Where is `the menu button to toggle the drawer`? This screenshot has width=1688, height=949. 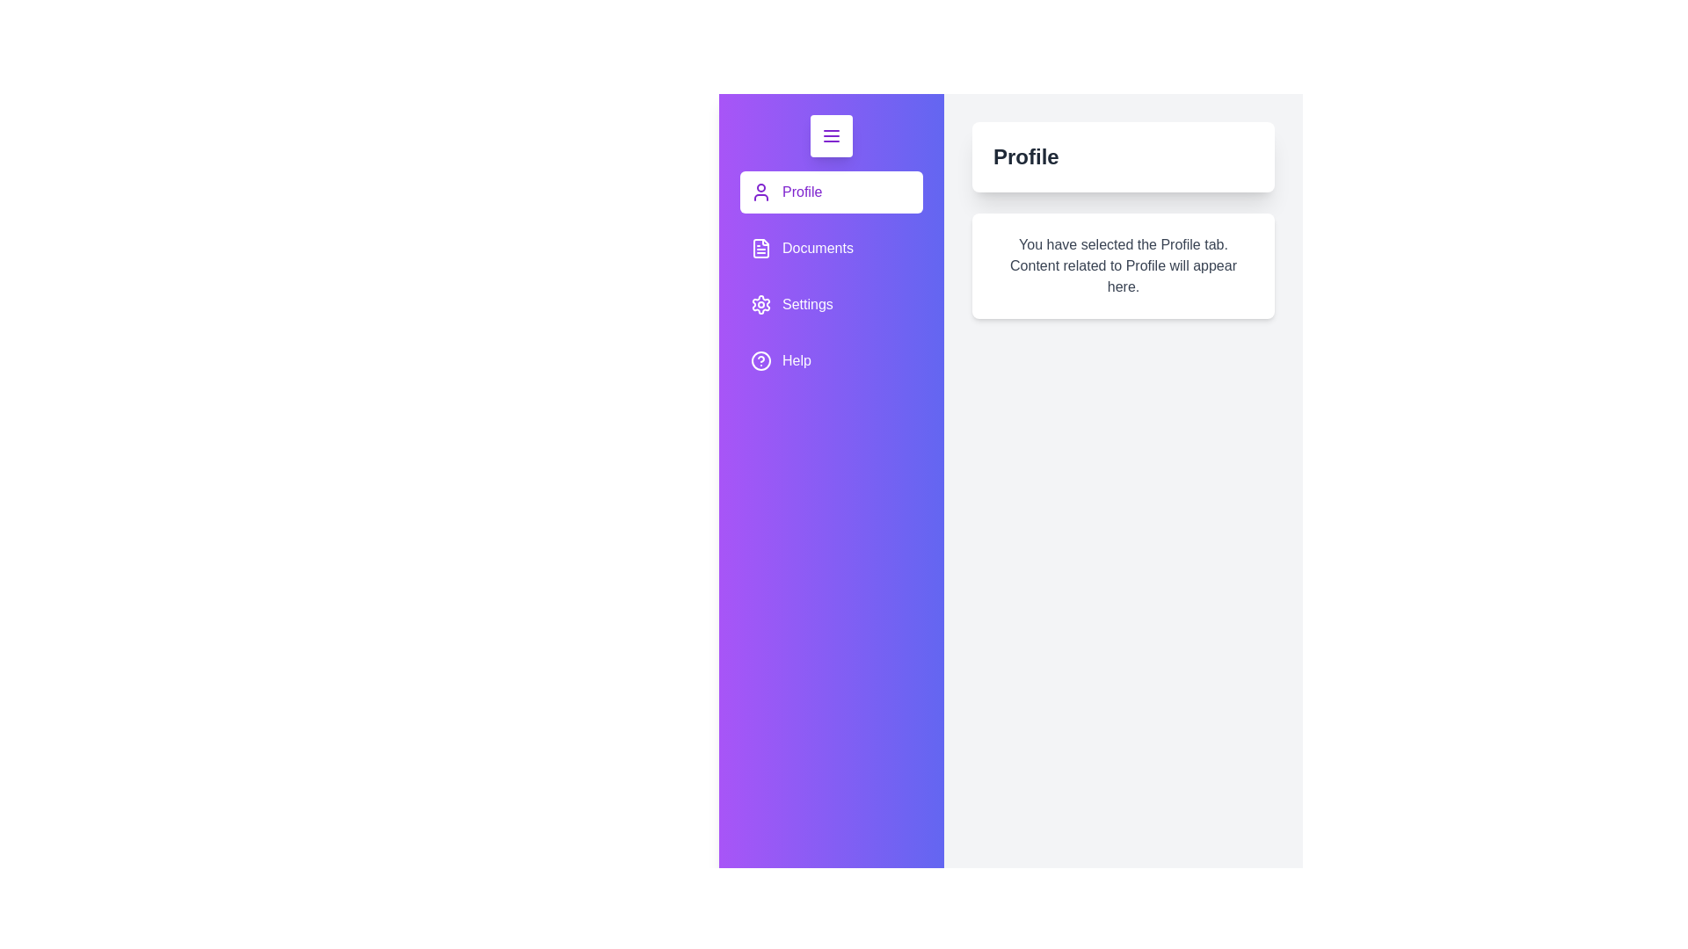 the menu button to toggle the drawer is located at coordinates (830, 134).